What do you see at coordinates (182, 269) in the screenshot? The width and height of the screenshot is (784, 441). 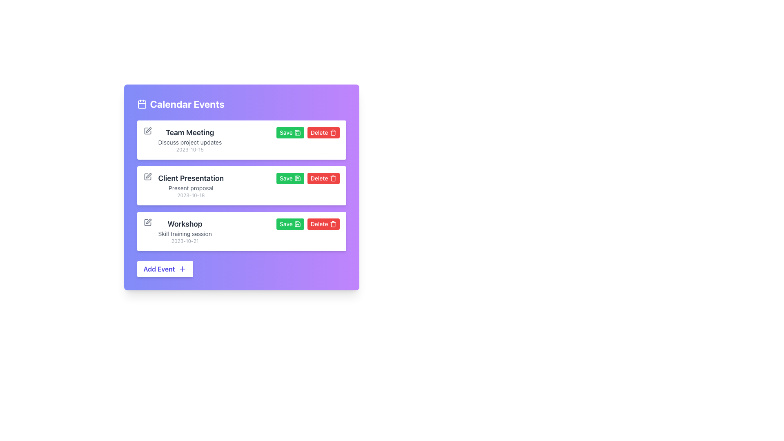 I see `the icon that suggests adding a new event, located within the 'Add Event' button at the bottom left of the interface` at bounding box center [182, 269].